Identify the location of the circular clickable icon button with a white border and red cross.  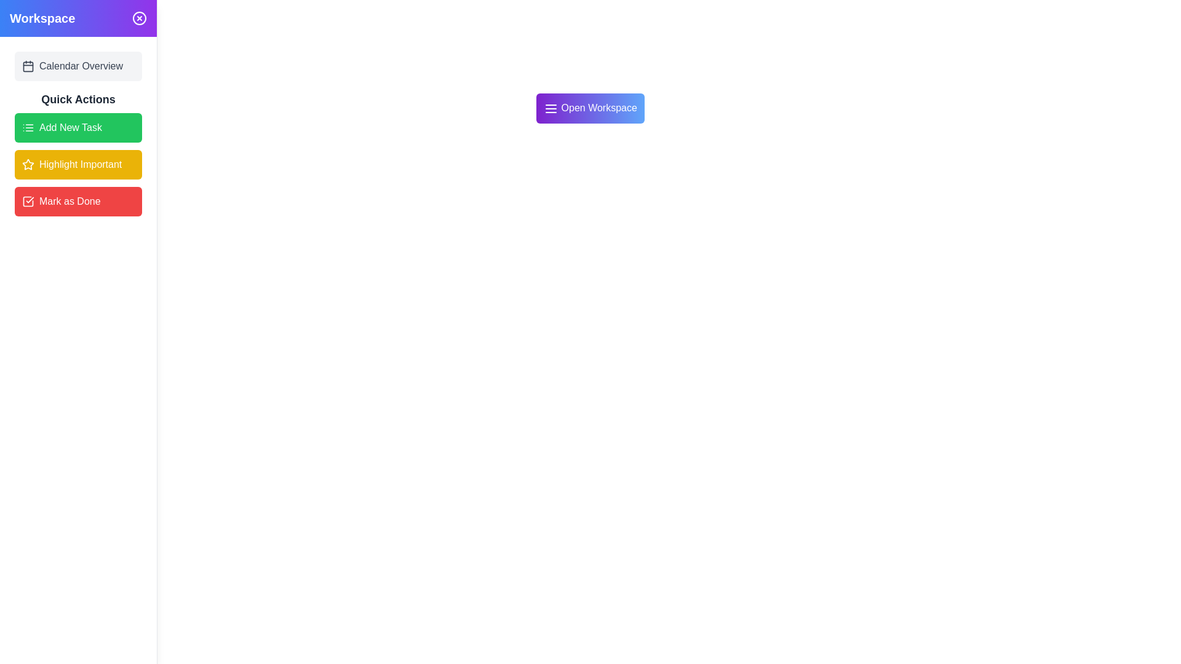
(139, 18).